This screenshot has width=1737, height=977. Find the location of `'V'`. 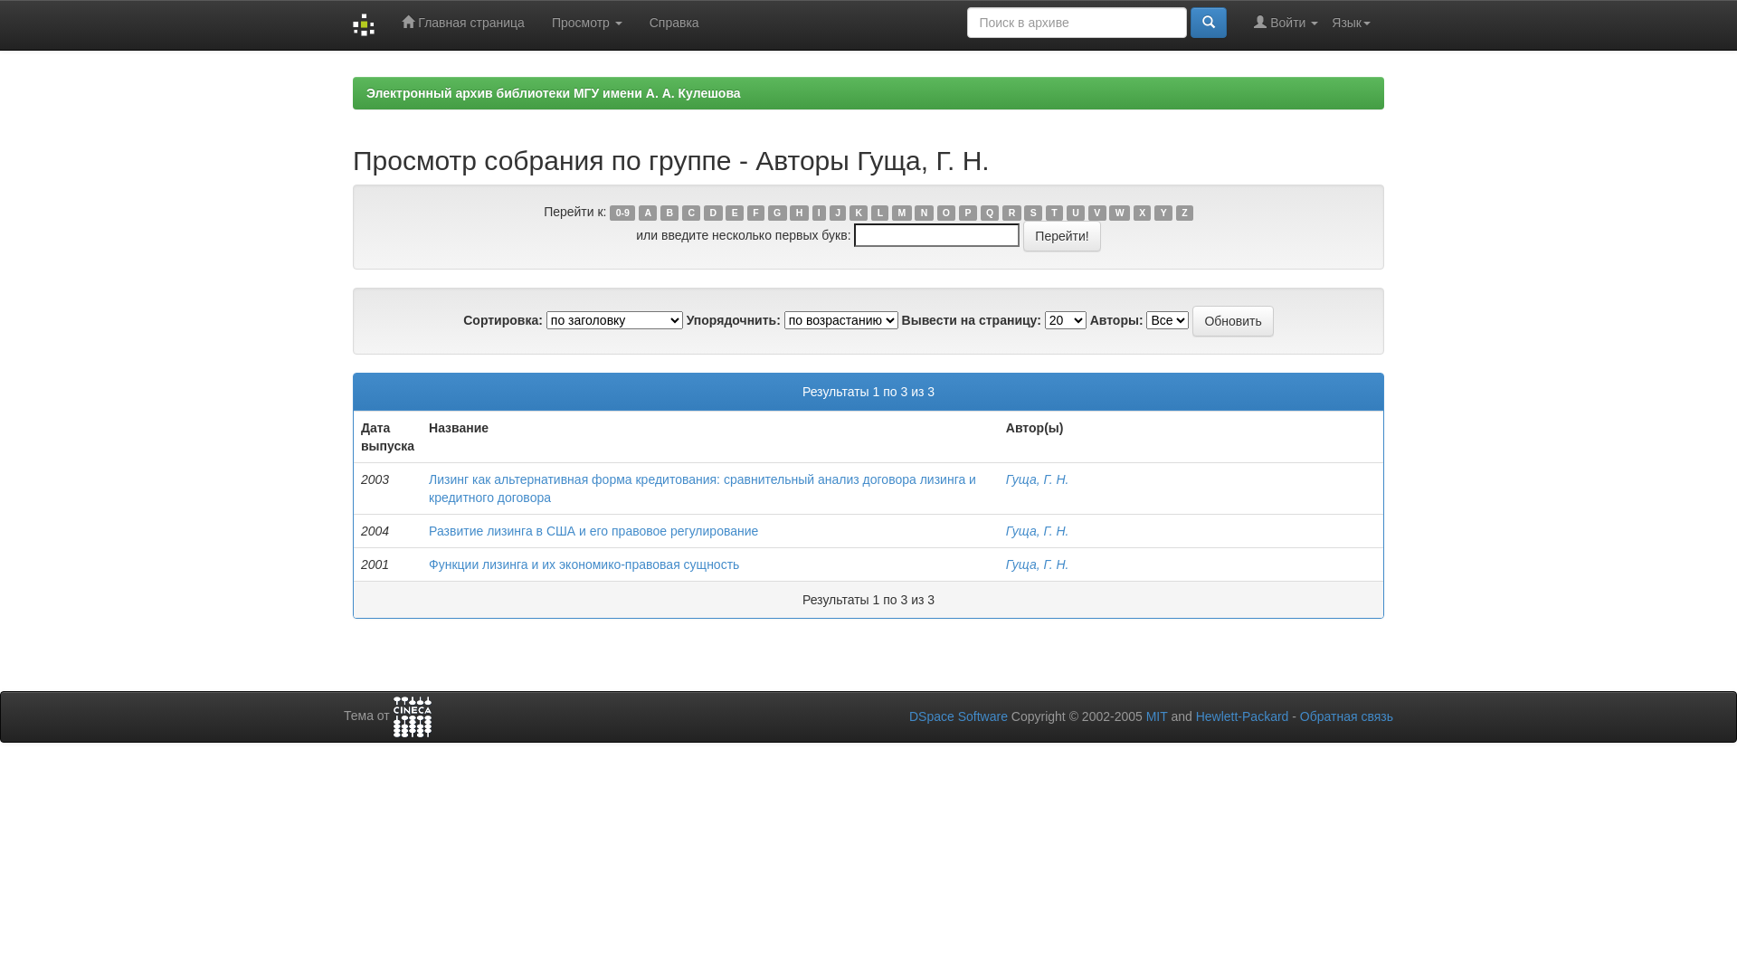

'V' is located at coordinates (1096, 212).